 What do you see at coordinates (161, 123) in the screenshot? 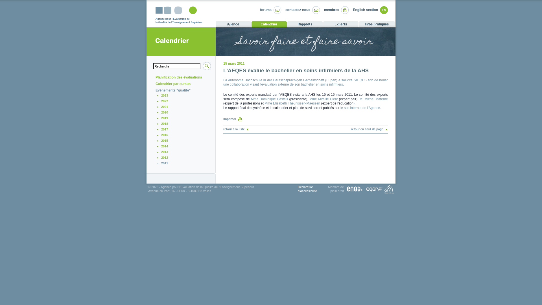
I see `'2018'` at bounding box center [161, 123].